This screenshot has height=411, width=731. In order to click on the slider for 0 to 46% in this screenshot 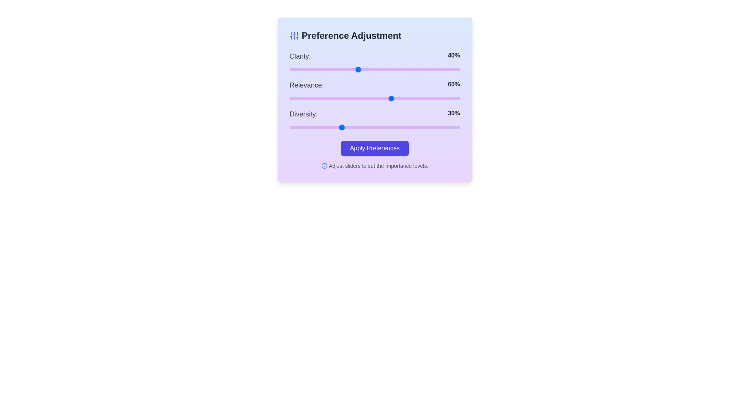, I will do `click(368, 69)`.